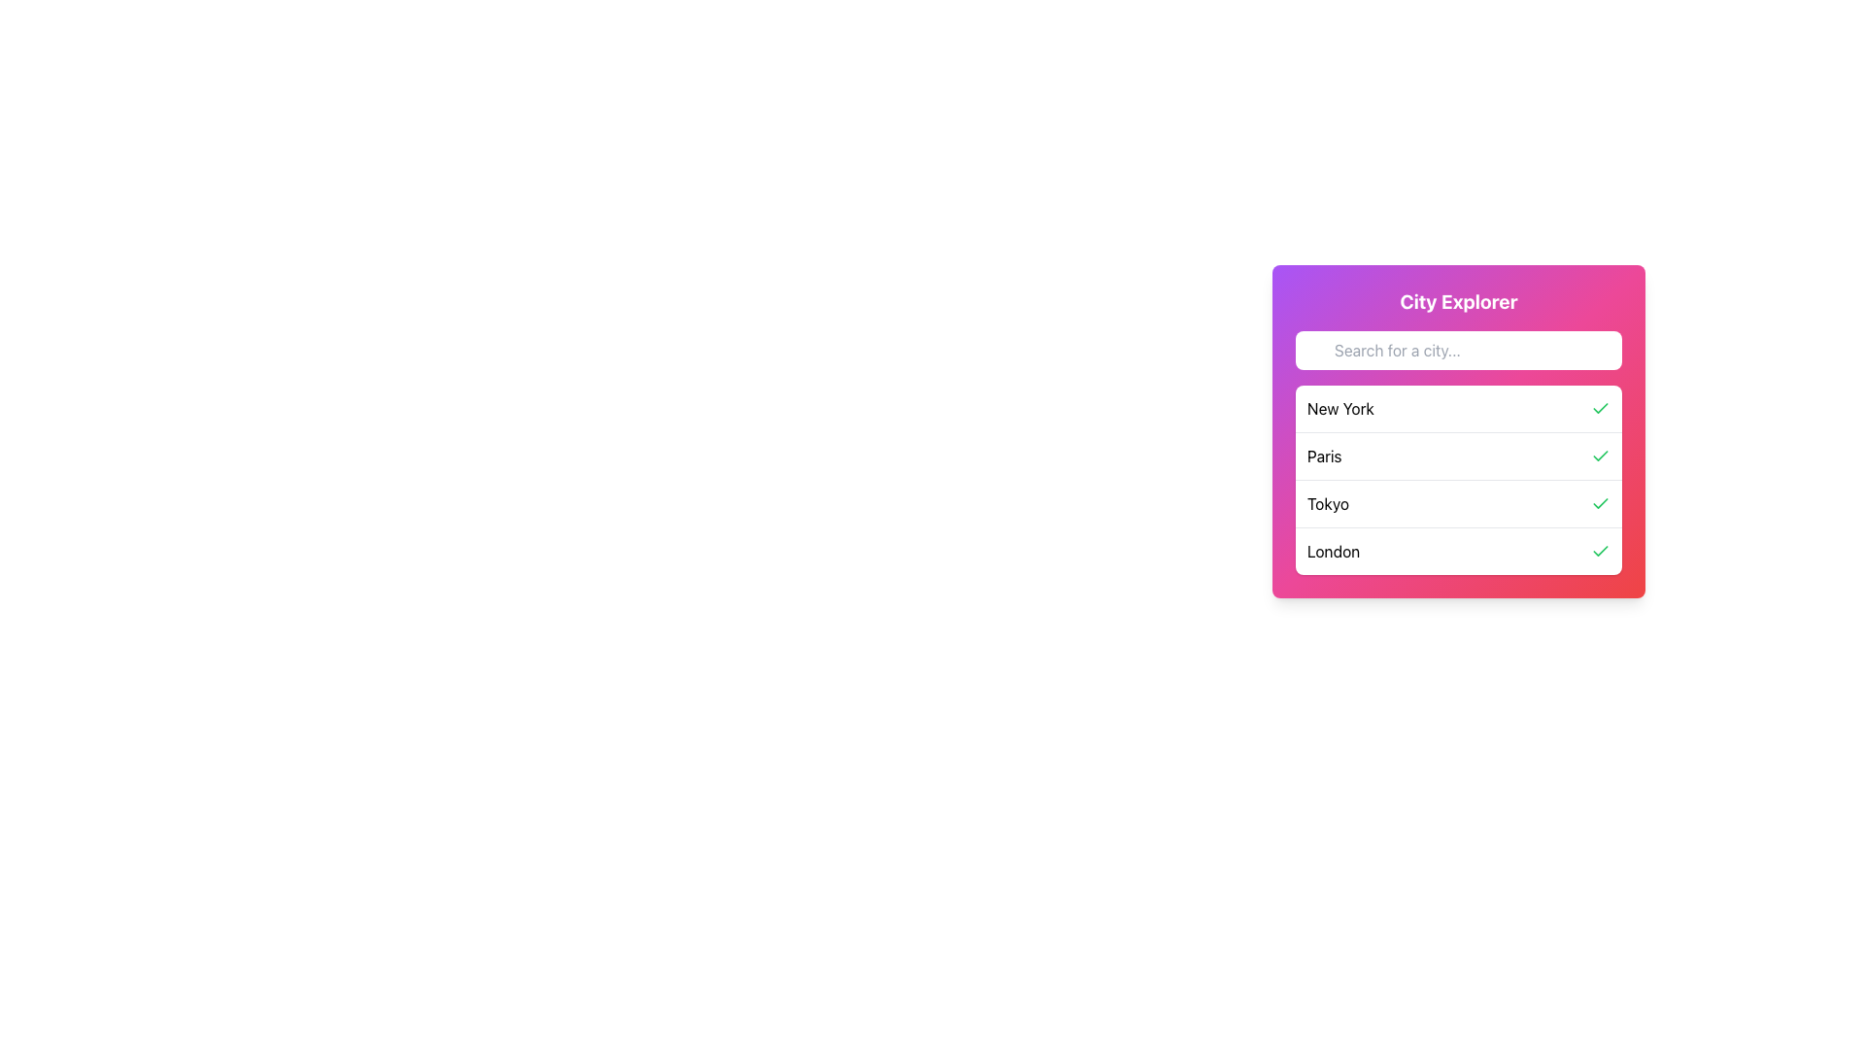 This screenshot has height=1049, width=1865. I want to click on the text label displaying the name of a selectable city option in the 'City Explorer' interface, located at the top of the list below the search bar, so click(1339, 407).